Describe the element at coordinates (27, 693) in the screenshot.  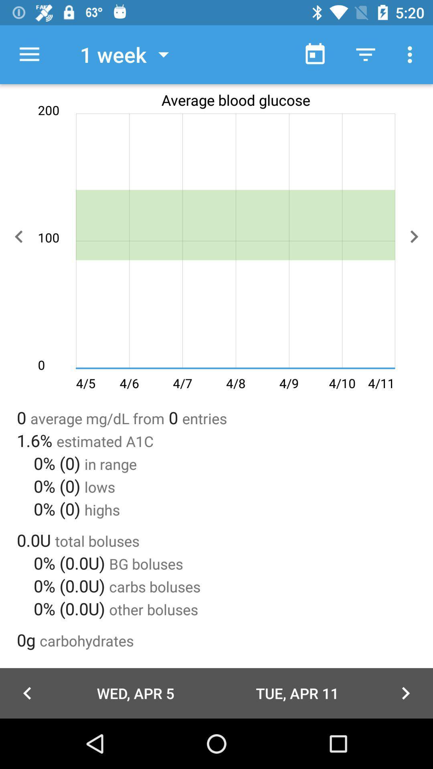
I see `the arrow_backward icon` at that location.